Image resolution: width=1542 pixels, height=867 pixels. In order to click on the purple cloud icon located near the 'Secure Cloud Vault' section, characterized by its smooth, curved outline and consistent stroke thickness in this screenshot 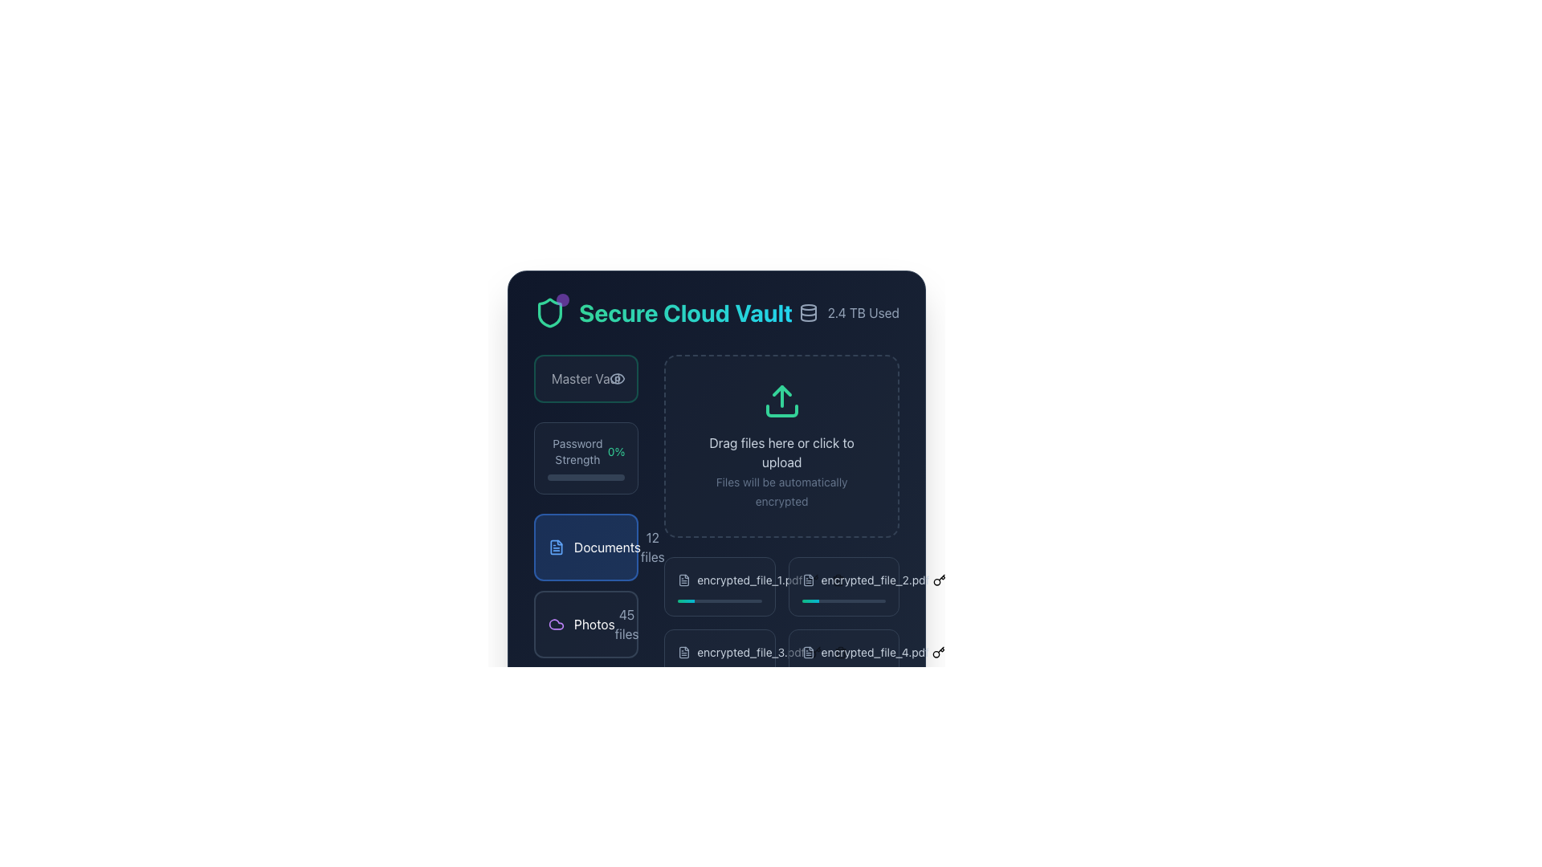, I will do `click(556, 624)`.